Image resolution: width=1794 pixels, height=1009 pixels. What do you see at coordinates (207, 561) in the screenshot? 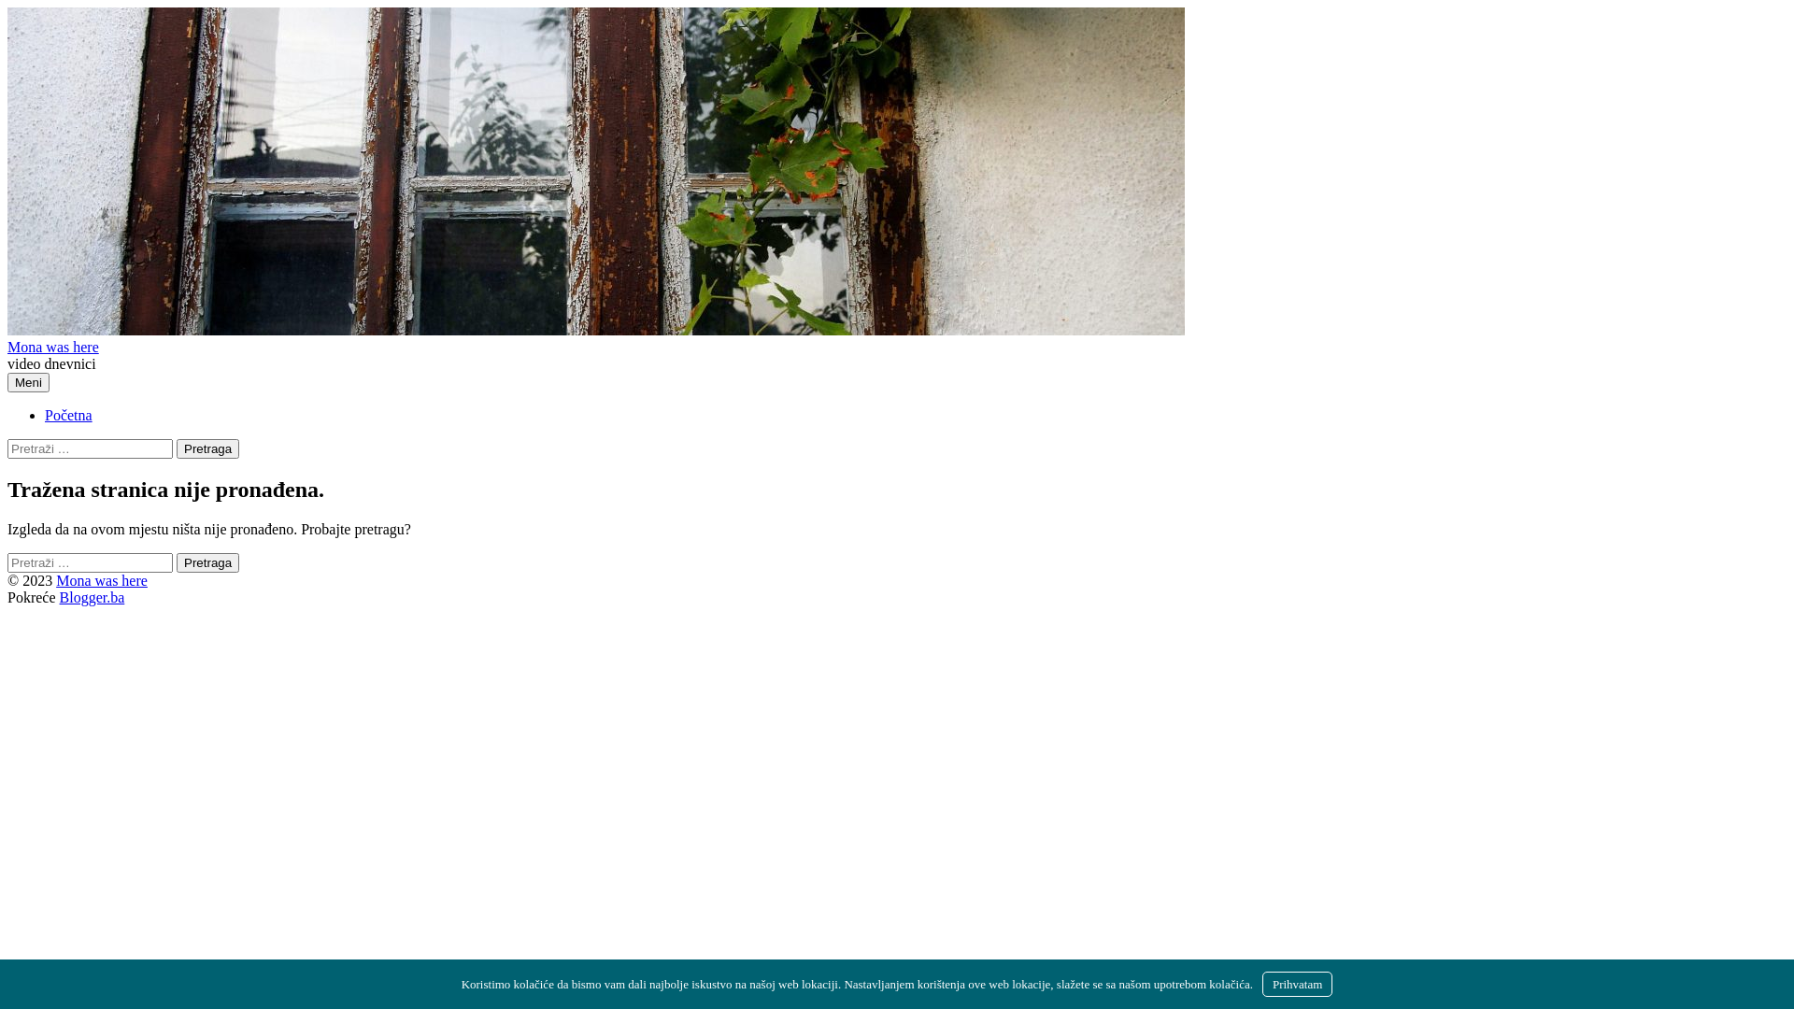
I see `'Pretraga'` at bounding box center [207, 561].